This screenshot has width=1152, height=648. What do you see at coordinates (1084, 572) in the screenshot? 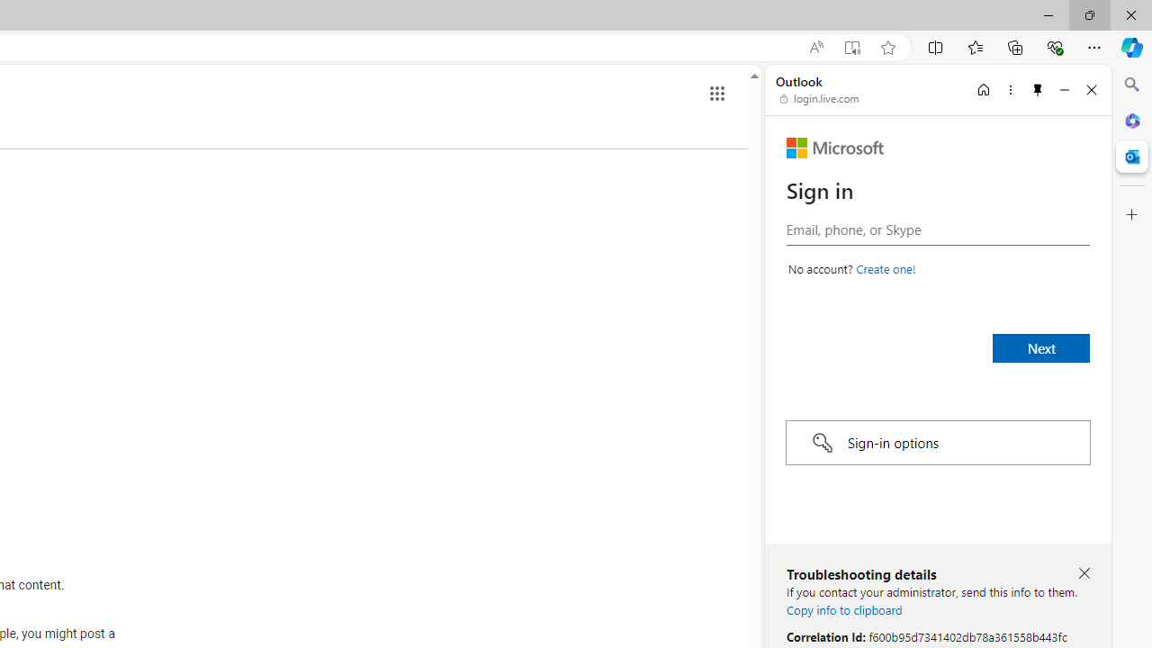
I see `'Close troubleshooting details'` at bounding box center [1084, 572].